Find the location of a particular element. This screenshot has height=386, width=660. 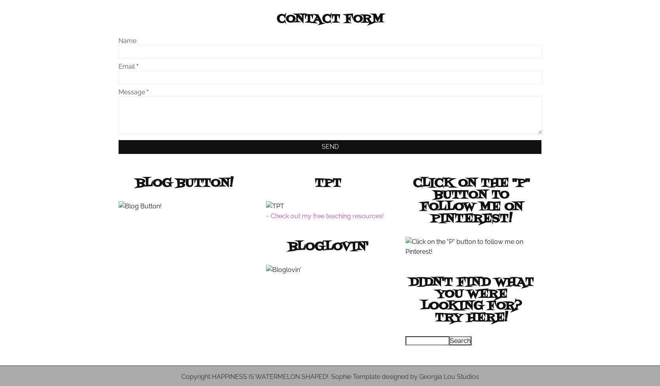

'HAPPINESS IS WATERMELON SHAPED!' is located at coordinates (211, 376).